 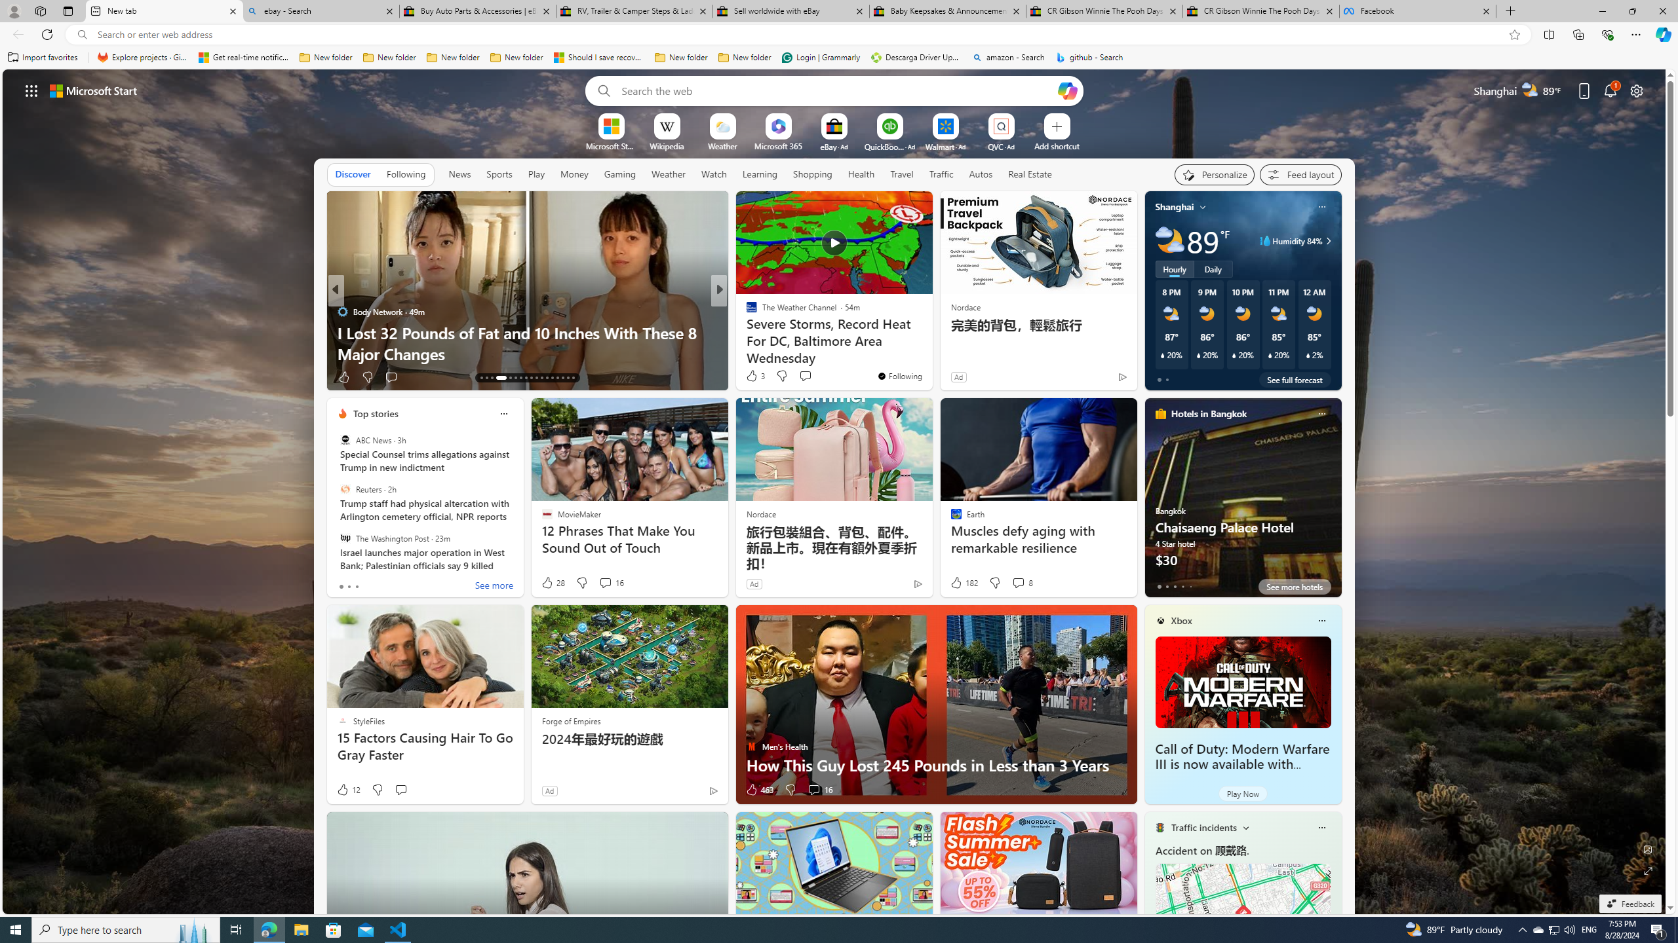 I want to click on 'Watch', so click(x=713, y=173).